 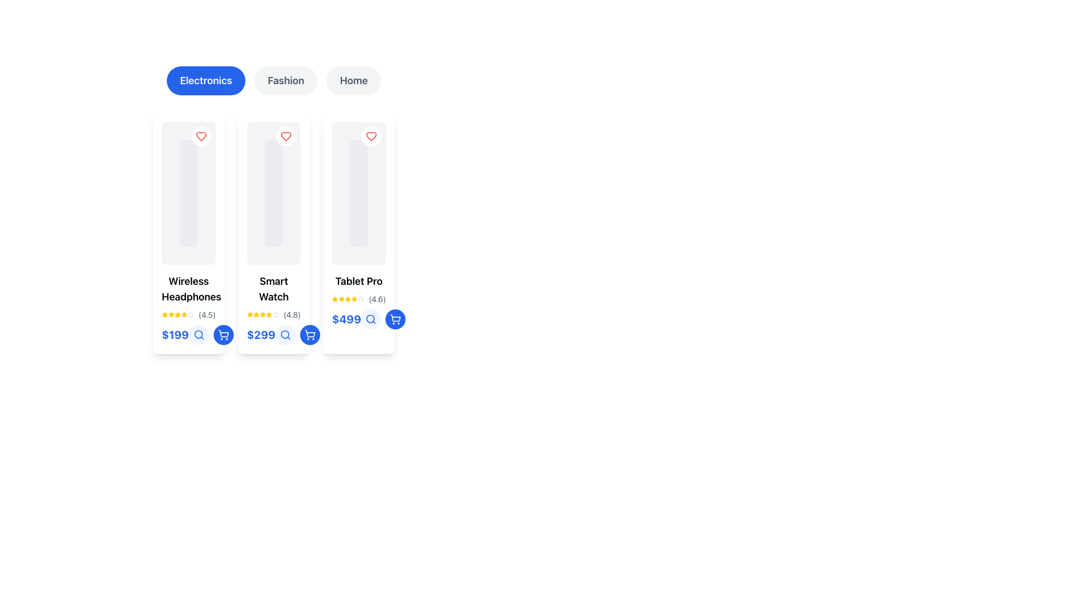 I want to click on the circular part of the search icon located, so click(x=370, y=319).